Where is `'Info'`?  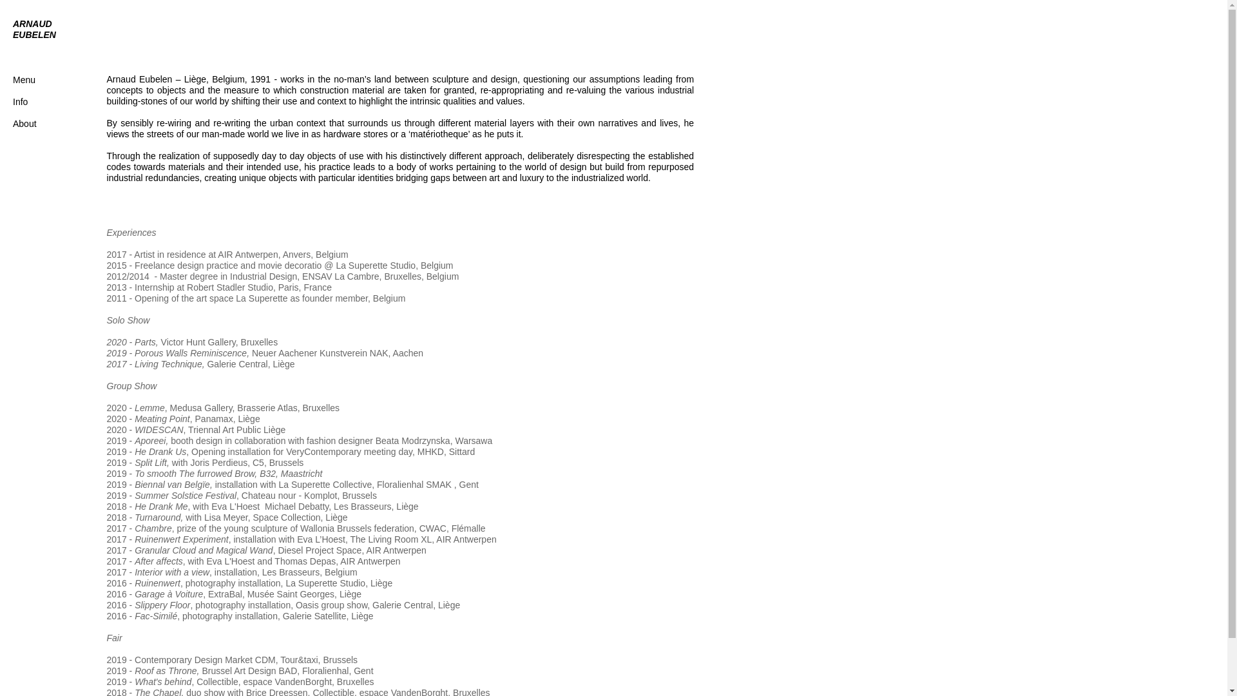
'Info' is located at coordinates (20, 101).